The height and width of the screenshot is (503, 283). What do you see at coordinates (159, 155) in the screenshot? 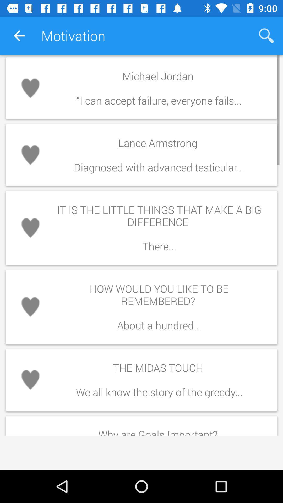
I see `the item below michael jordan  item` at bounding box center [159, 155].